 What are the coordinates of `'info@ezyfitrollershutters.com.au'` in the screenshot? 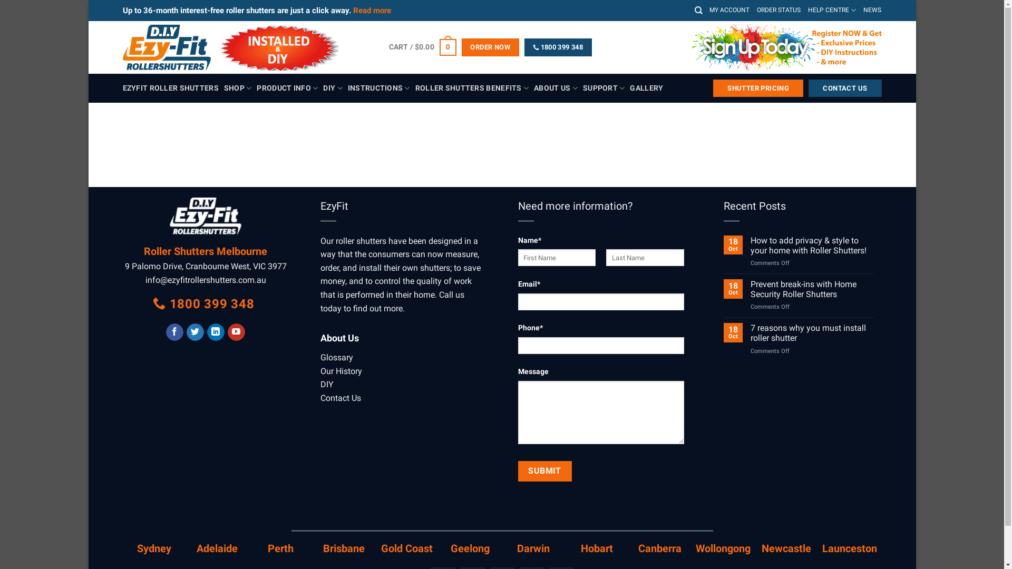 It's located at (144, 279).